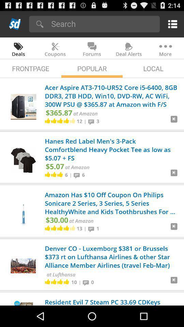 This screenshot has height=327, width=184. What do you see at coordinates (30, 68) in the screenshot?
I see `the item next to popular icon` at bounding box center [30, 68].